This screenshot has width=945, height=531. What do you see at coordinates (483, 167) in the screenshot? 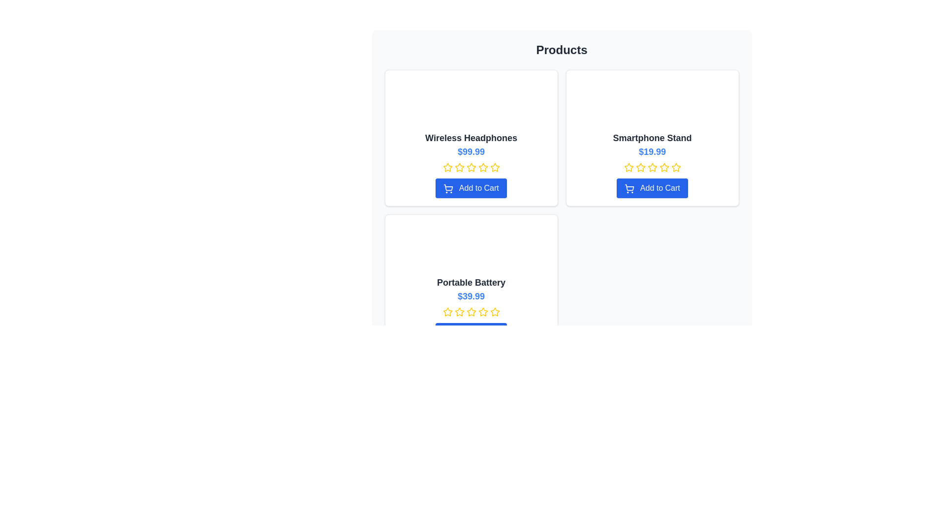
I see `the fourth star icon in the middle row of a five-star rating component, which is outlined in yellow and has a hollow center` at bounding box center [483, 167].